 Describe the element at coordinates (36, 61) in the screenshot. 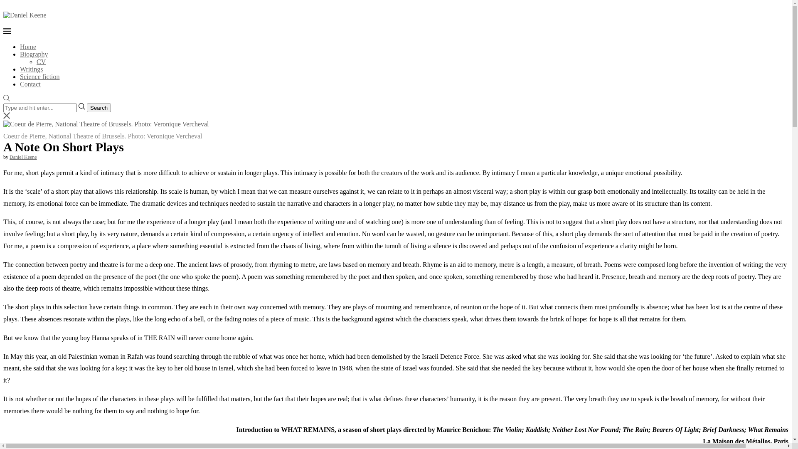

I see `'CV'` at that location.